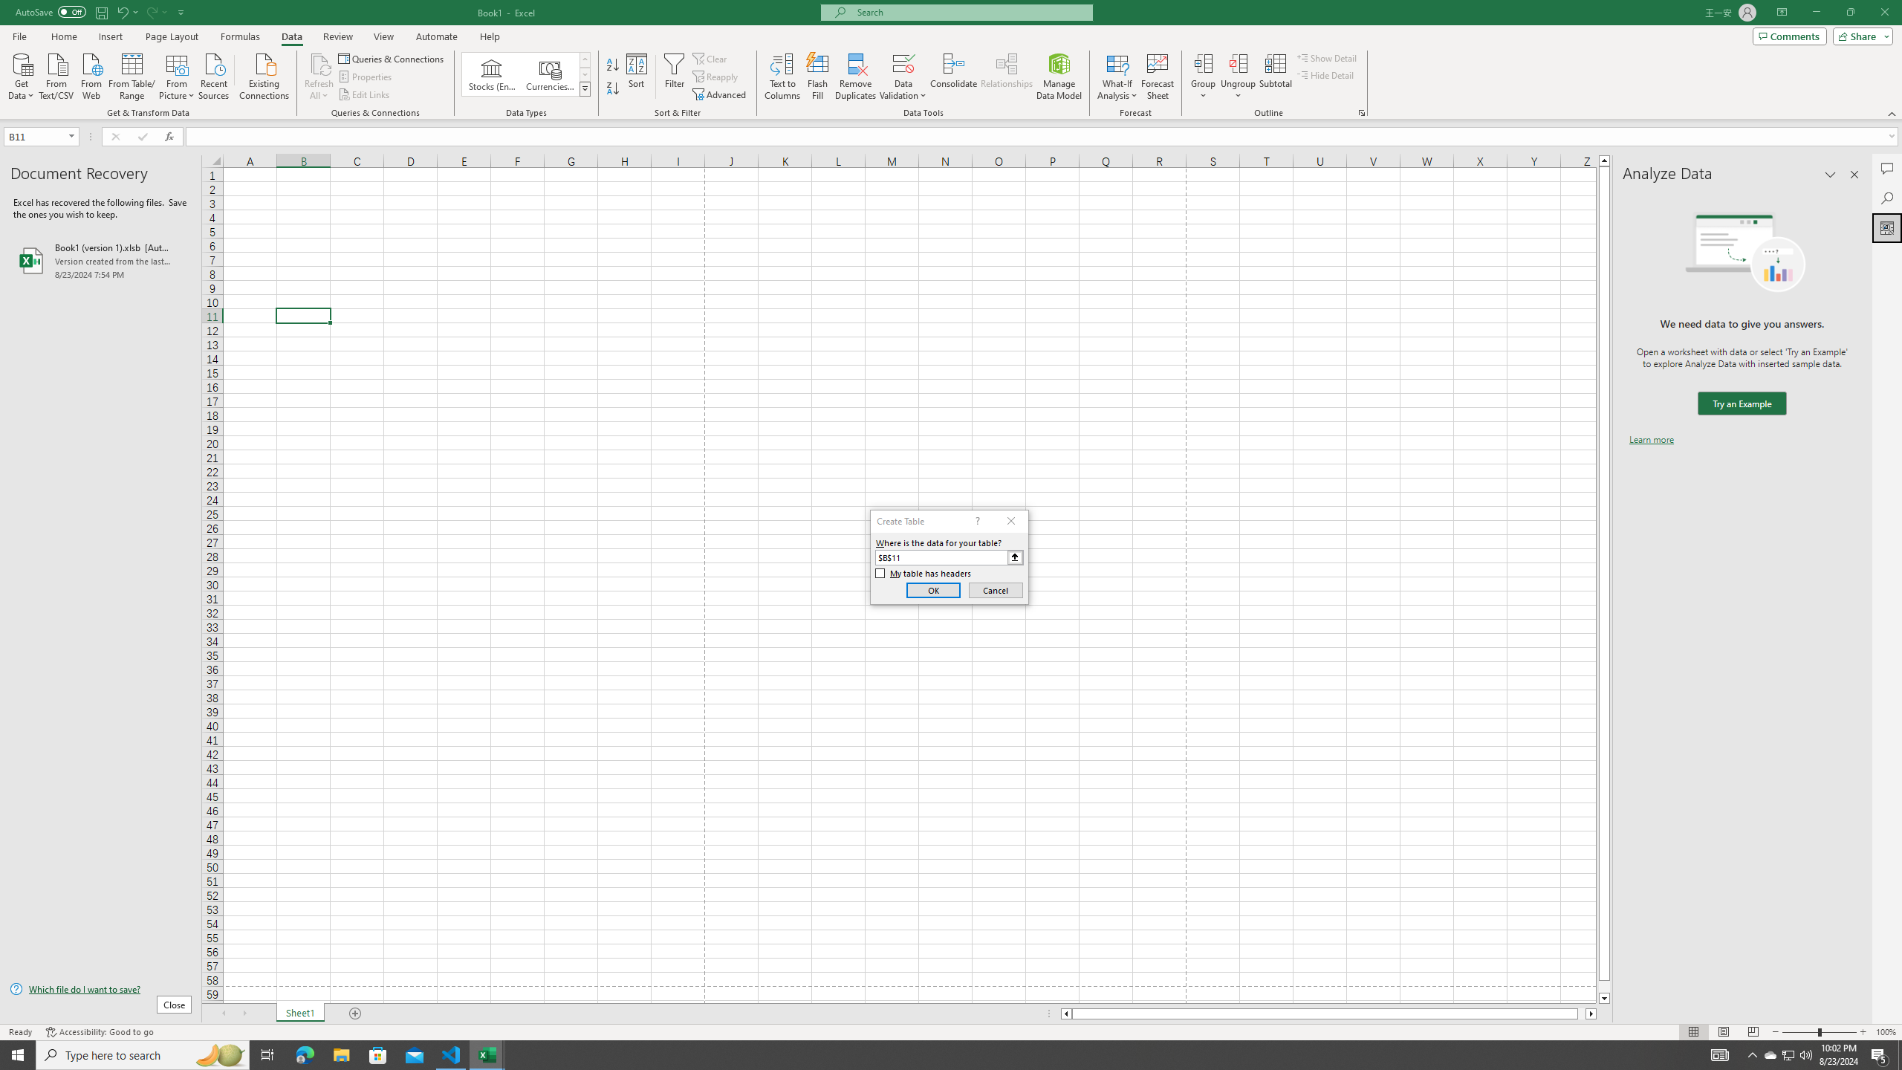  Describe the element at coordinates (364, 94) in the screenshot. I see `'Edit Links'` at that location.